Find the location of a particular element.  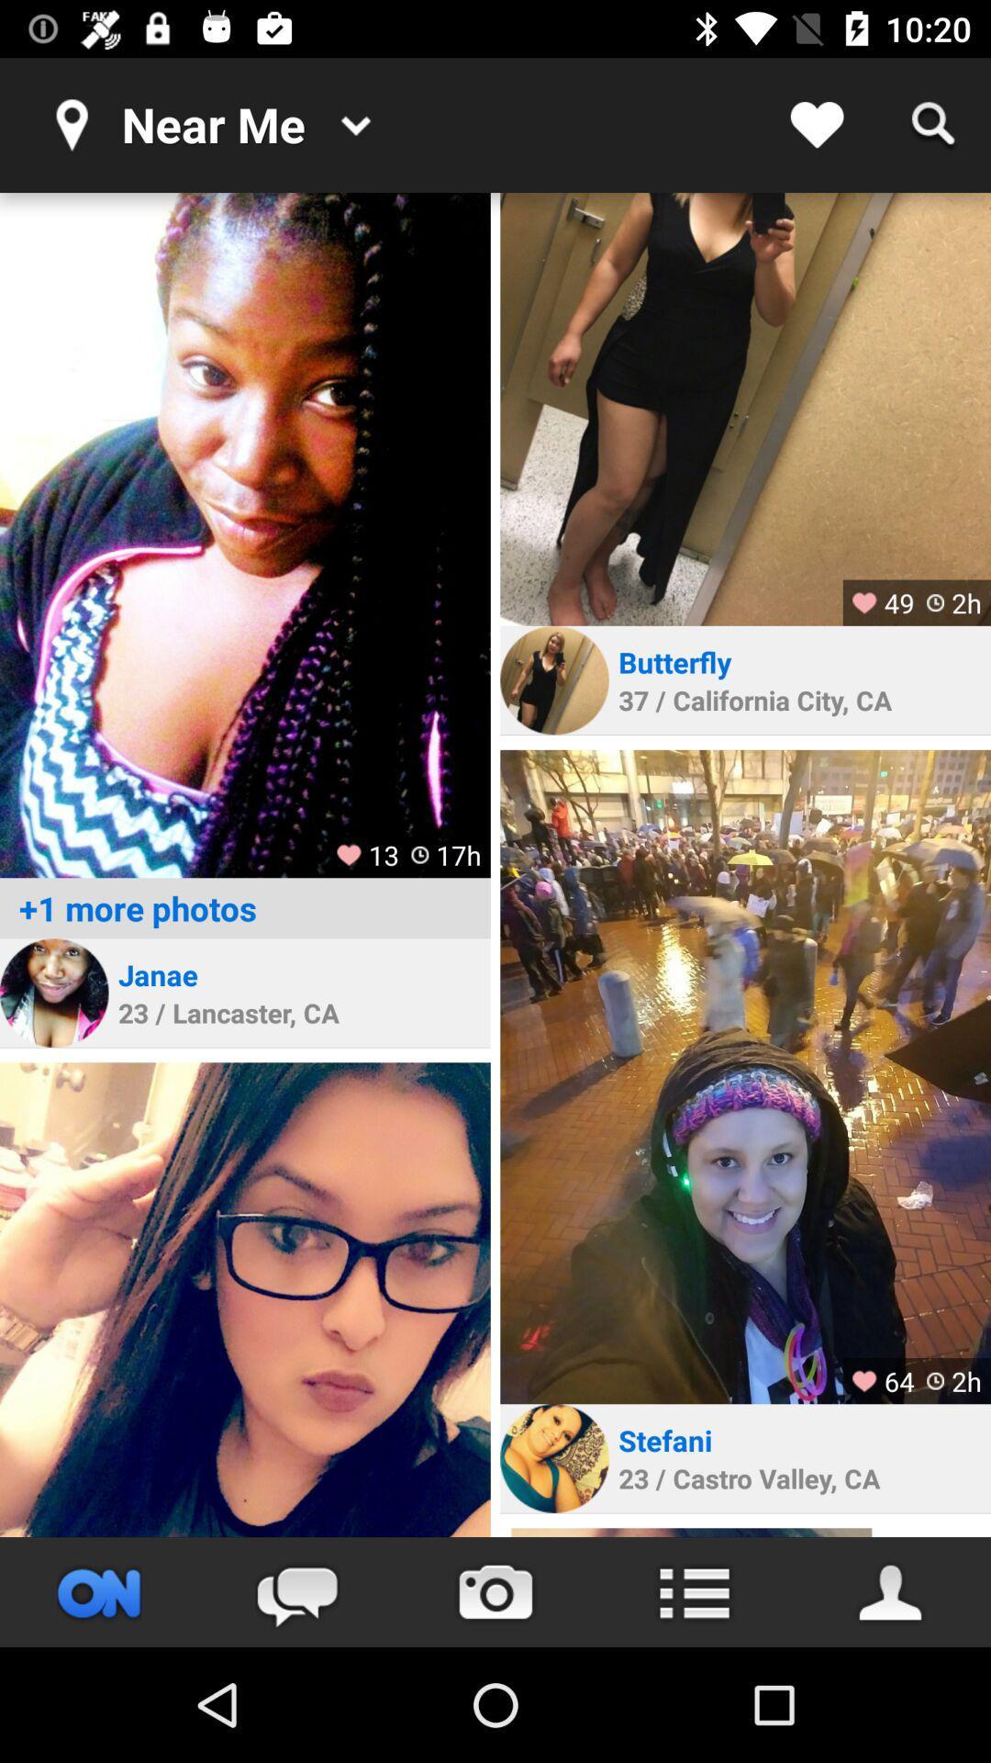

take a picture is located at coordinates (495, 1591).